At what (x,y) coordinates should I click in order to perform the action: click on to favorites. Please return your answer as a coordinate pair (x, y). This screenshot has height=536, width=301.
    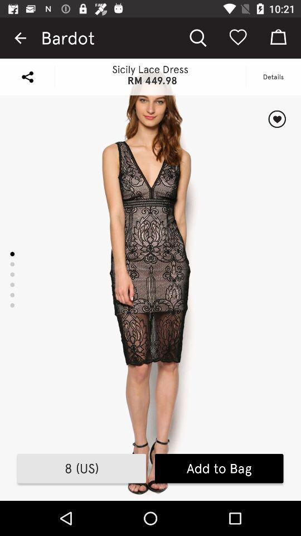
    Looking at the image, I should click on (276, 119).